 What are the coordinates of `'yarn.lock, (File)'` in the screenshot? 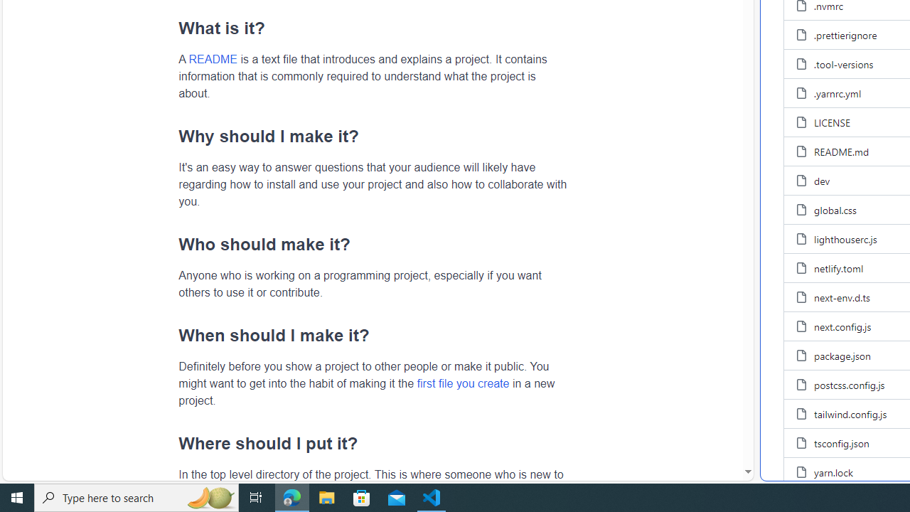 It's located at (834, 471).